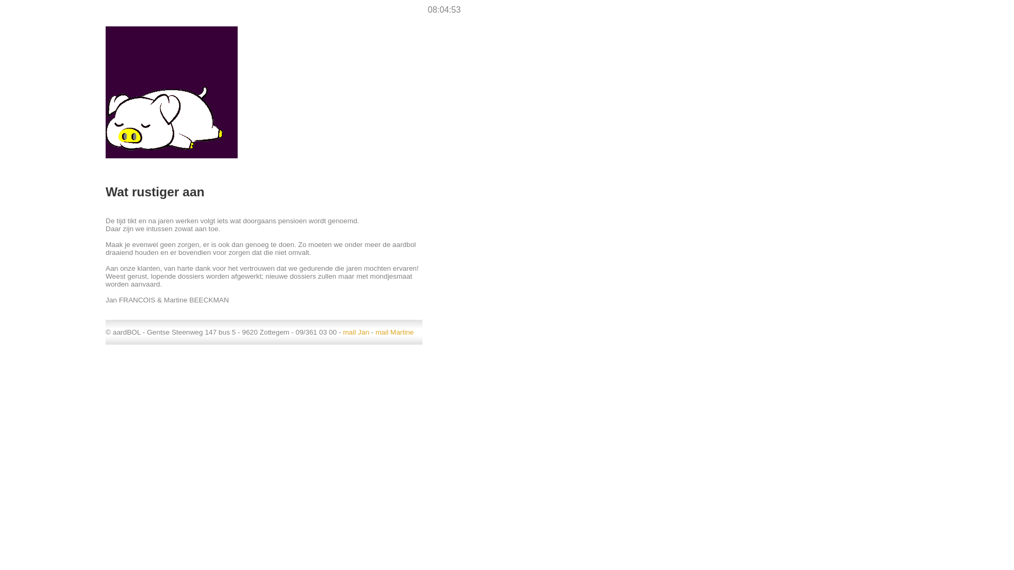  Describe the element at coordinates (355, 331) in the screenshot. I see `'mail Jan'` at that location.